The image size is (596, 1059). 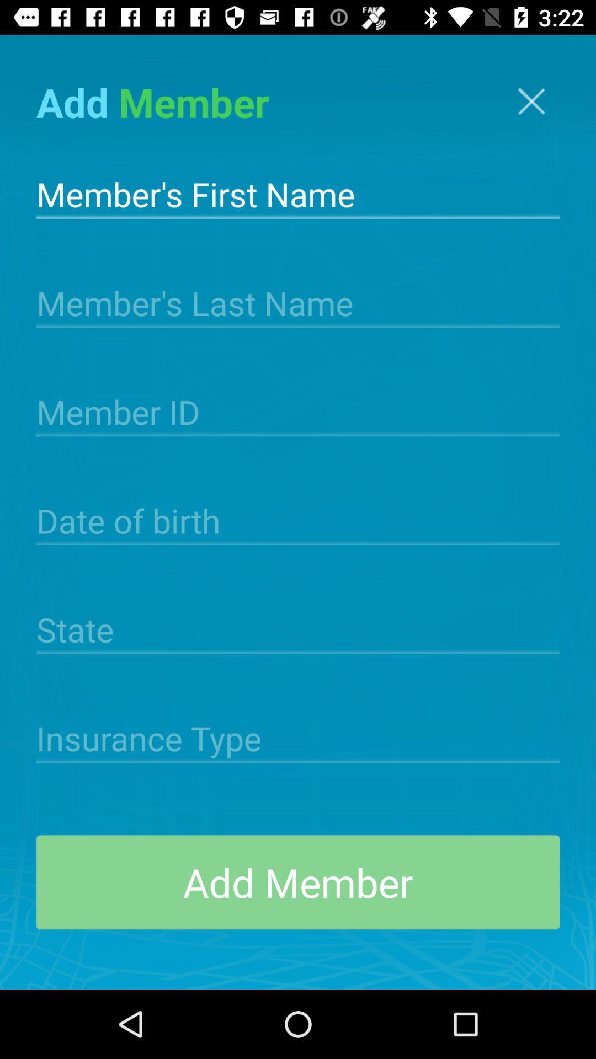 What do you see at coordinates (298, 519) in the screenshot?
I see `date of birth field` at bounding box center [298, 519].